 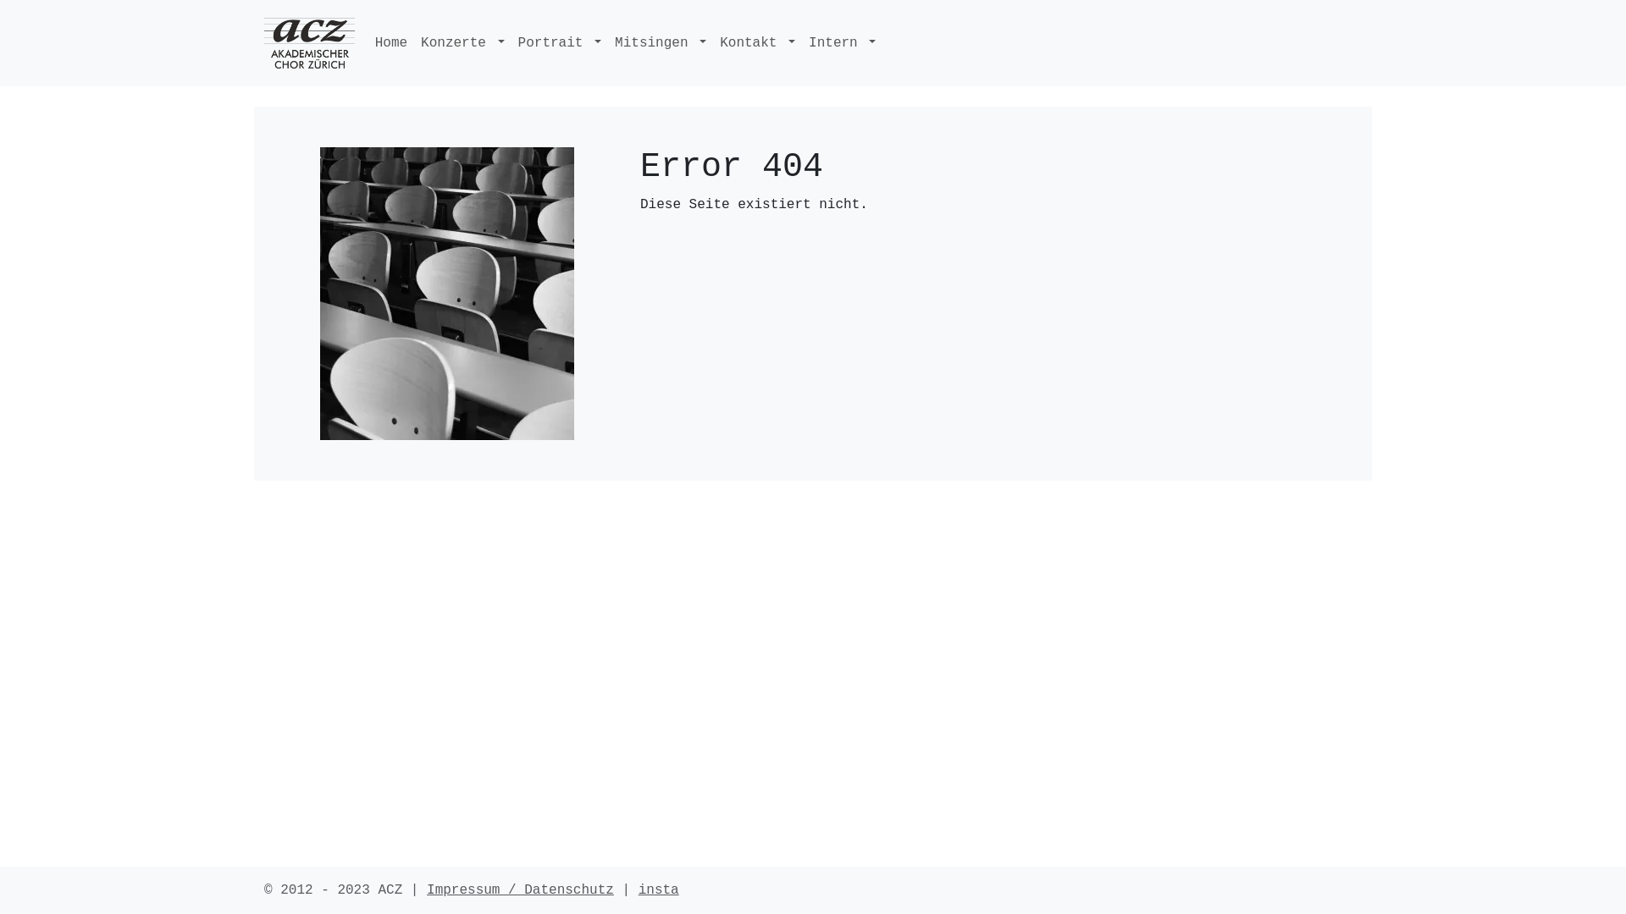 I want to click on 'Konzerte', so click(x=462, y=41).